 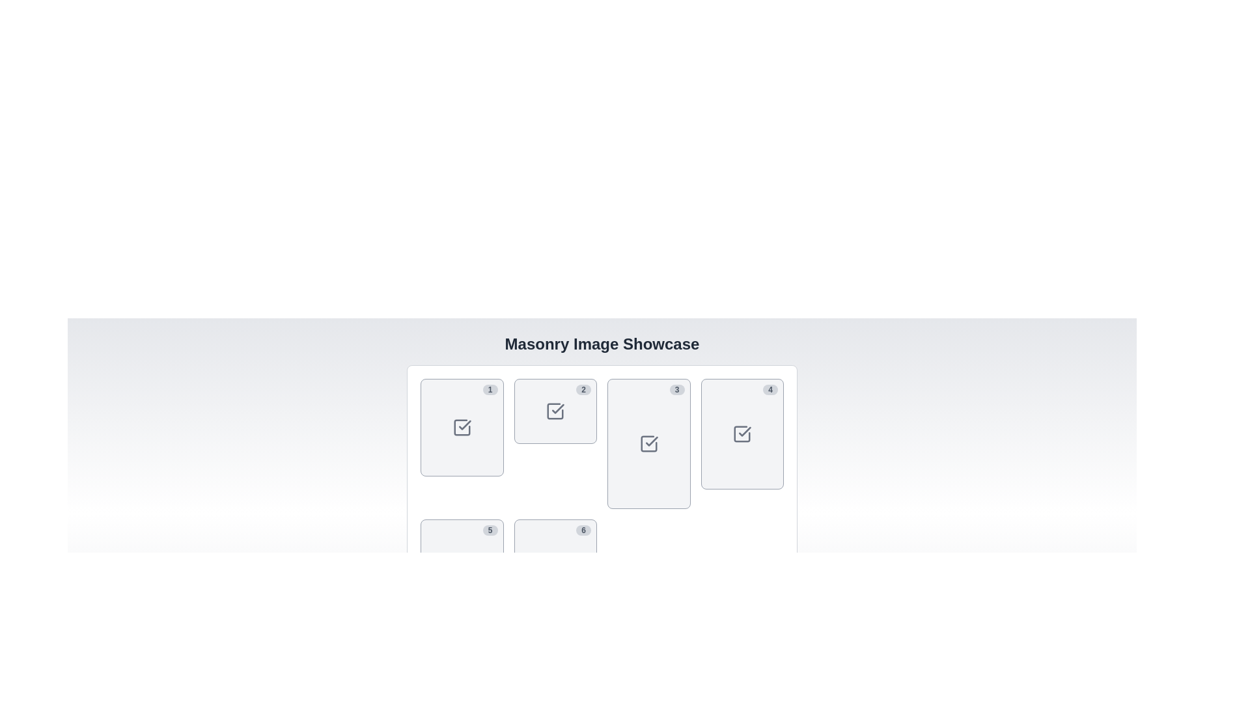 I want to click on the button located at the center of the fifth card in the grid layout, so click(x=462, y=561).